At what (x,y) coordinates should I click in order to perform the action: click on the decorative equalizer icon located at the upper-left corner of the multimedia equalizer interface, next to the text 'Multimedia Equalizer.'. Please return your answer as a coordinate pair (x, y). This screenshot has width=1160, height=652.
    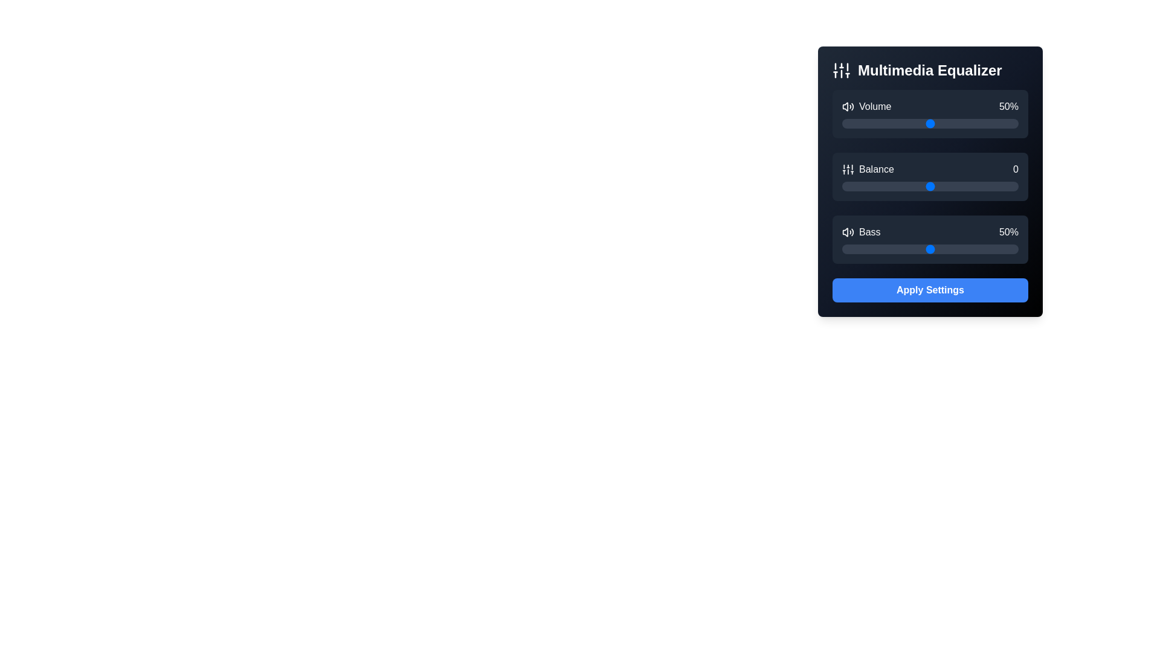
    Looking at the image, I should click on (840, 70).